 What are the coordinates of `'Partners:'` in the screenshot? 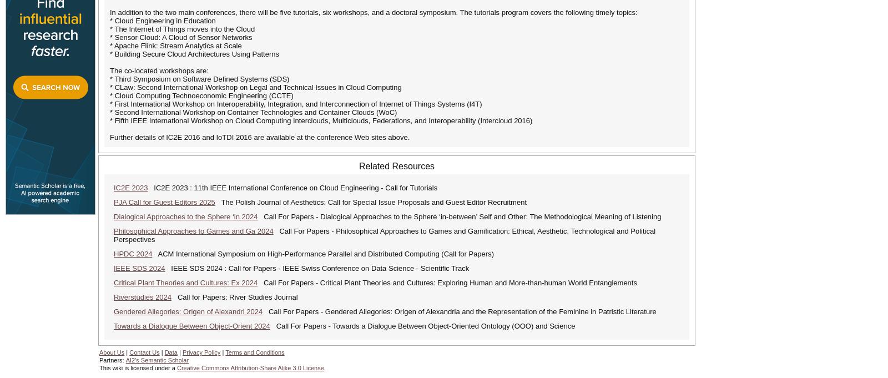 It's located at (112, 360).